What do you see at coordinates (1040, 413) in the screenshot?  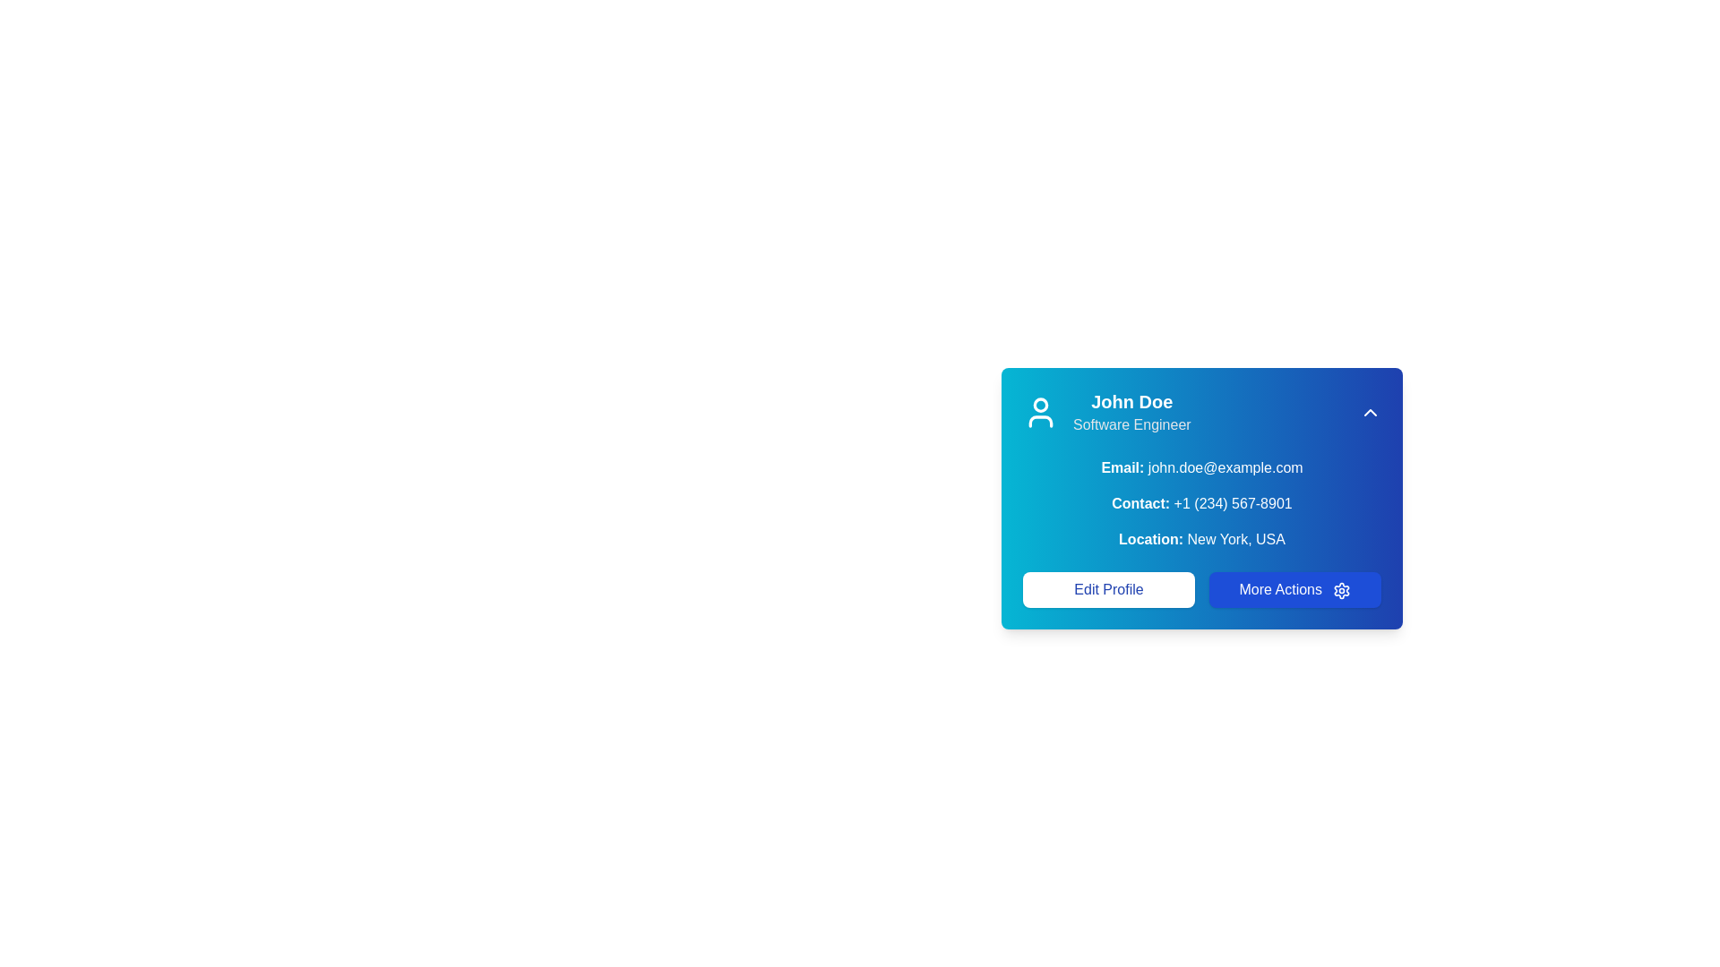 I see `the user figure icon, which is styled in white on a blue background and located to the left of the name 'John Doe' and the title 'Software Engineer'` at bounding box center [1040, 413].